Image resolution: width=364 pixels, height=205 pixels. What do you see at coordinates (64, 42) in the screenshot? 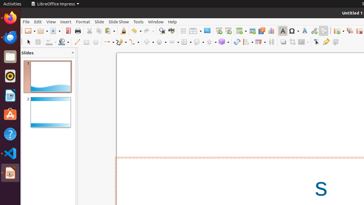
I see `'Fill Color'` at bounding box center [64, 42].